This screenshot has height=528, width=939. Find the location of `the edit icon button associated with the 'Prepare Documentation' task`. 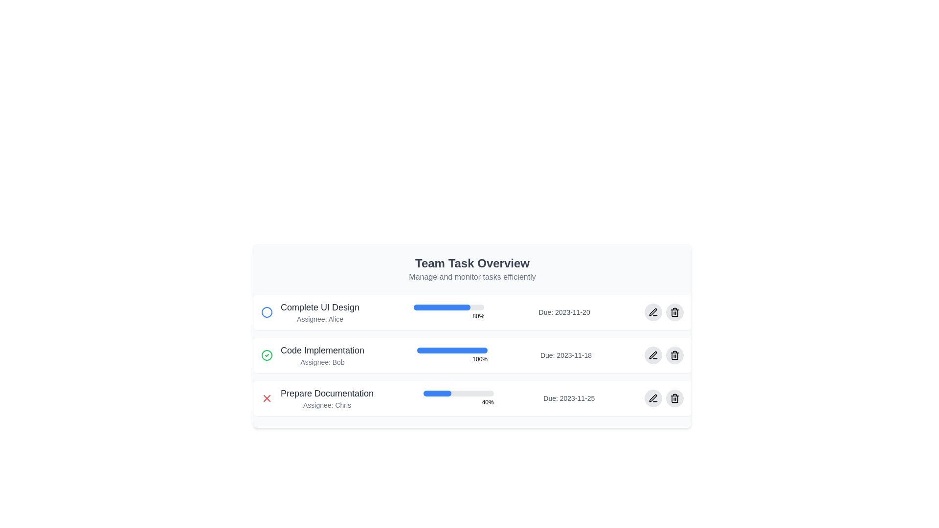

the edit icon button associated with the 'Prepare Documentation' task is located at coordinates (653, 398).